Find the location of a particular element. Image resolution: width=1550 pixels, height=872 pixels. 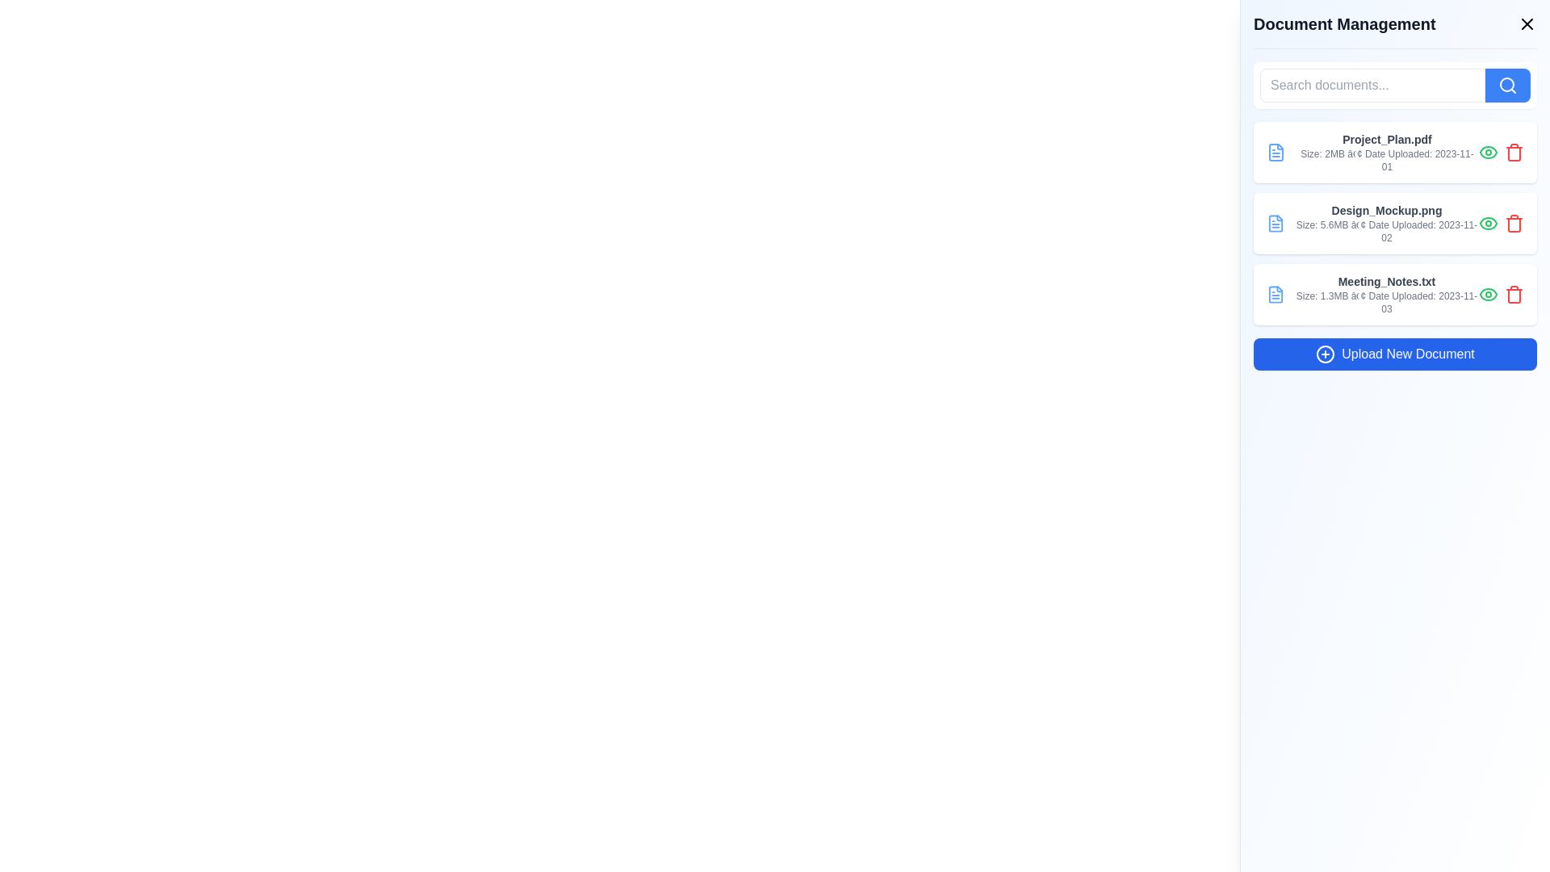

the 'Upload New Document' button is located at coordinates (1394, 354).